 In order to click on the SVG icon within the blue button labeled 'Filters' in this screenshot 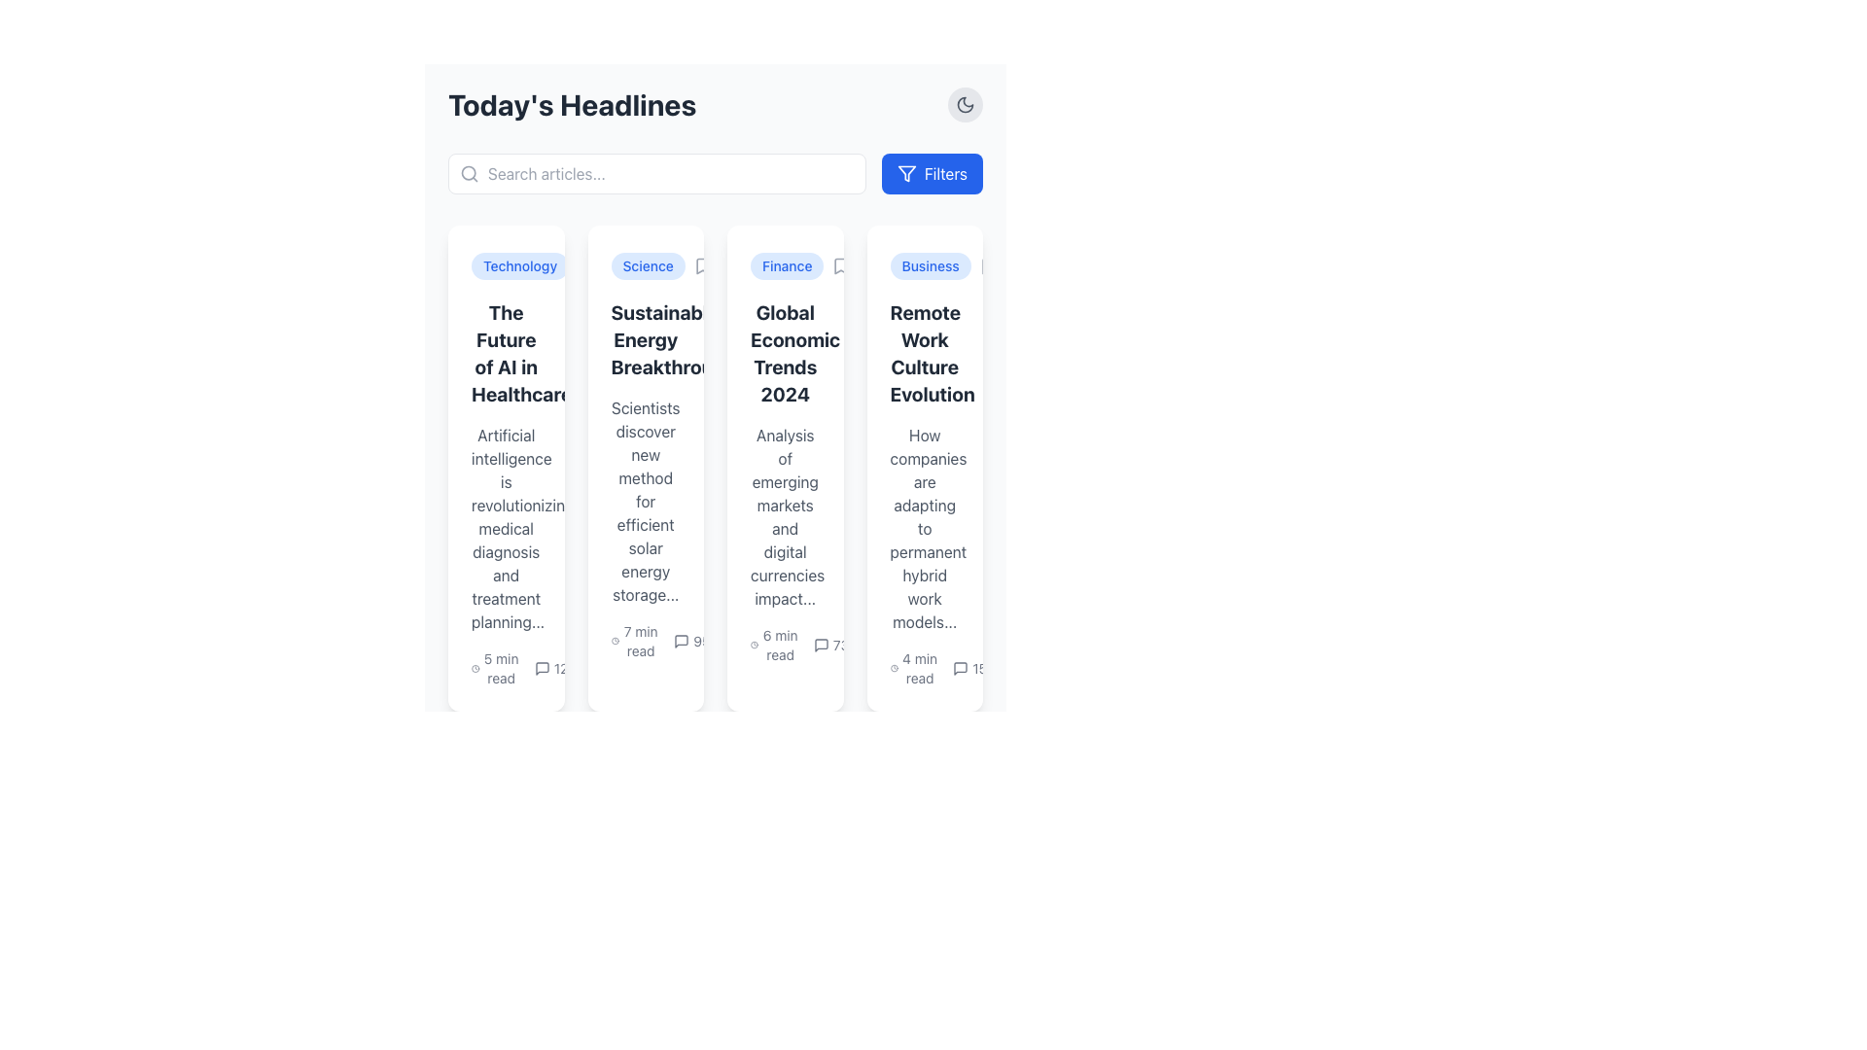, I will do `click(905, 172)`.